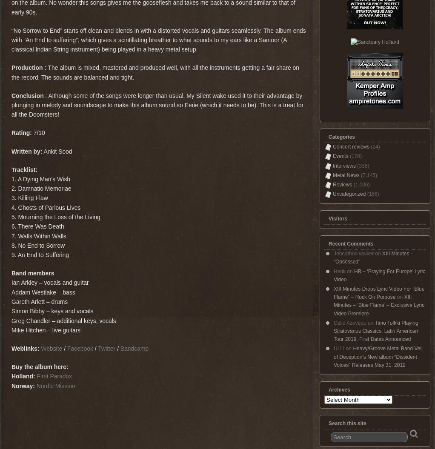 The image size is (435, 449). Describe the element at coordinates (353, 253) in the screenshot. I see `'Johnathon walker'` at that location.